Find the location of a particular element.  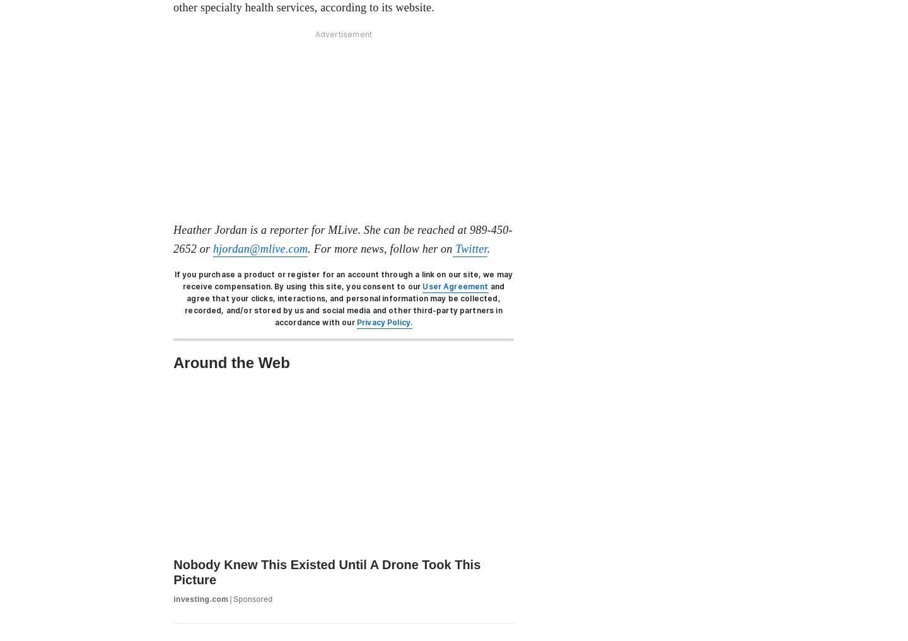

'. For more news, follow her on' is located at coordinates (379, 247).